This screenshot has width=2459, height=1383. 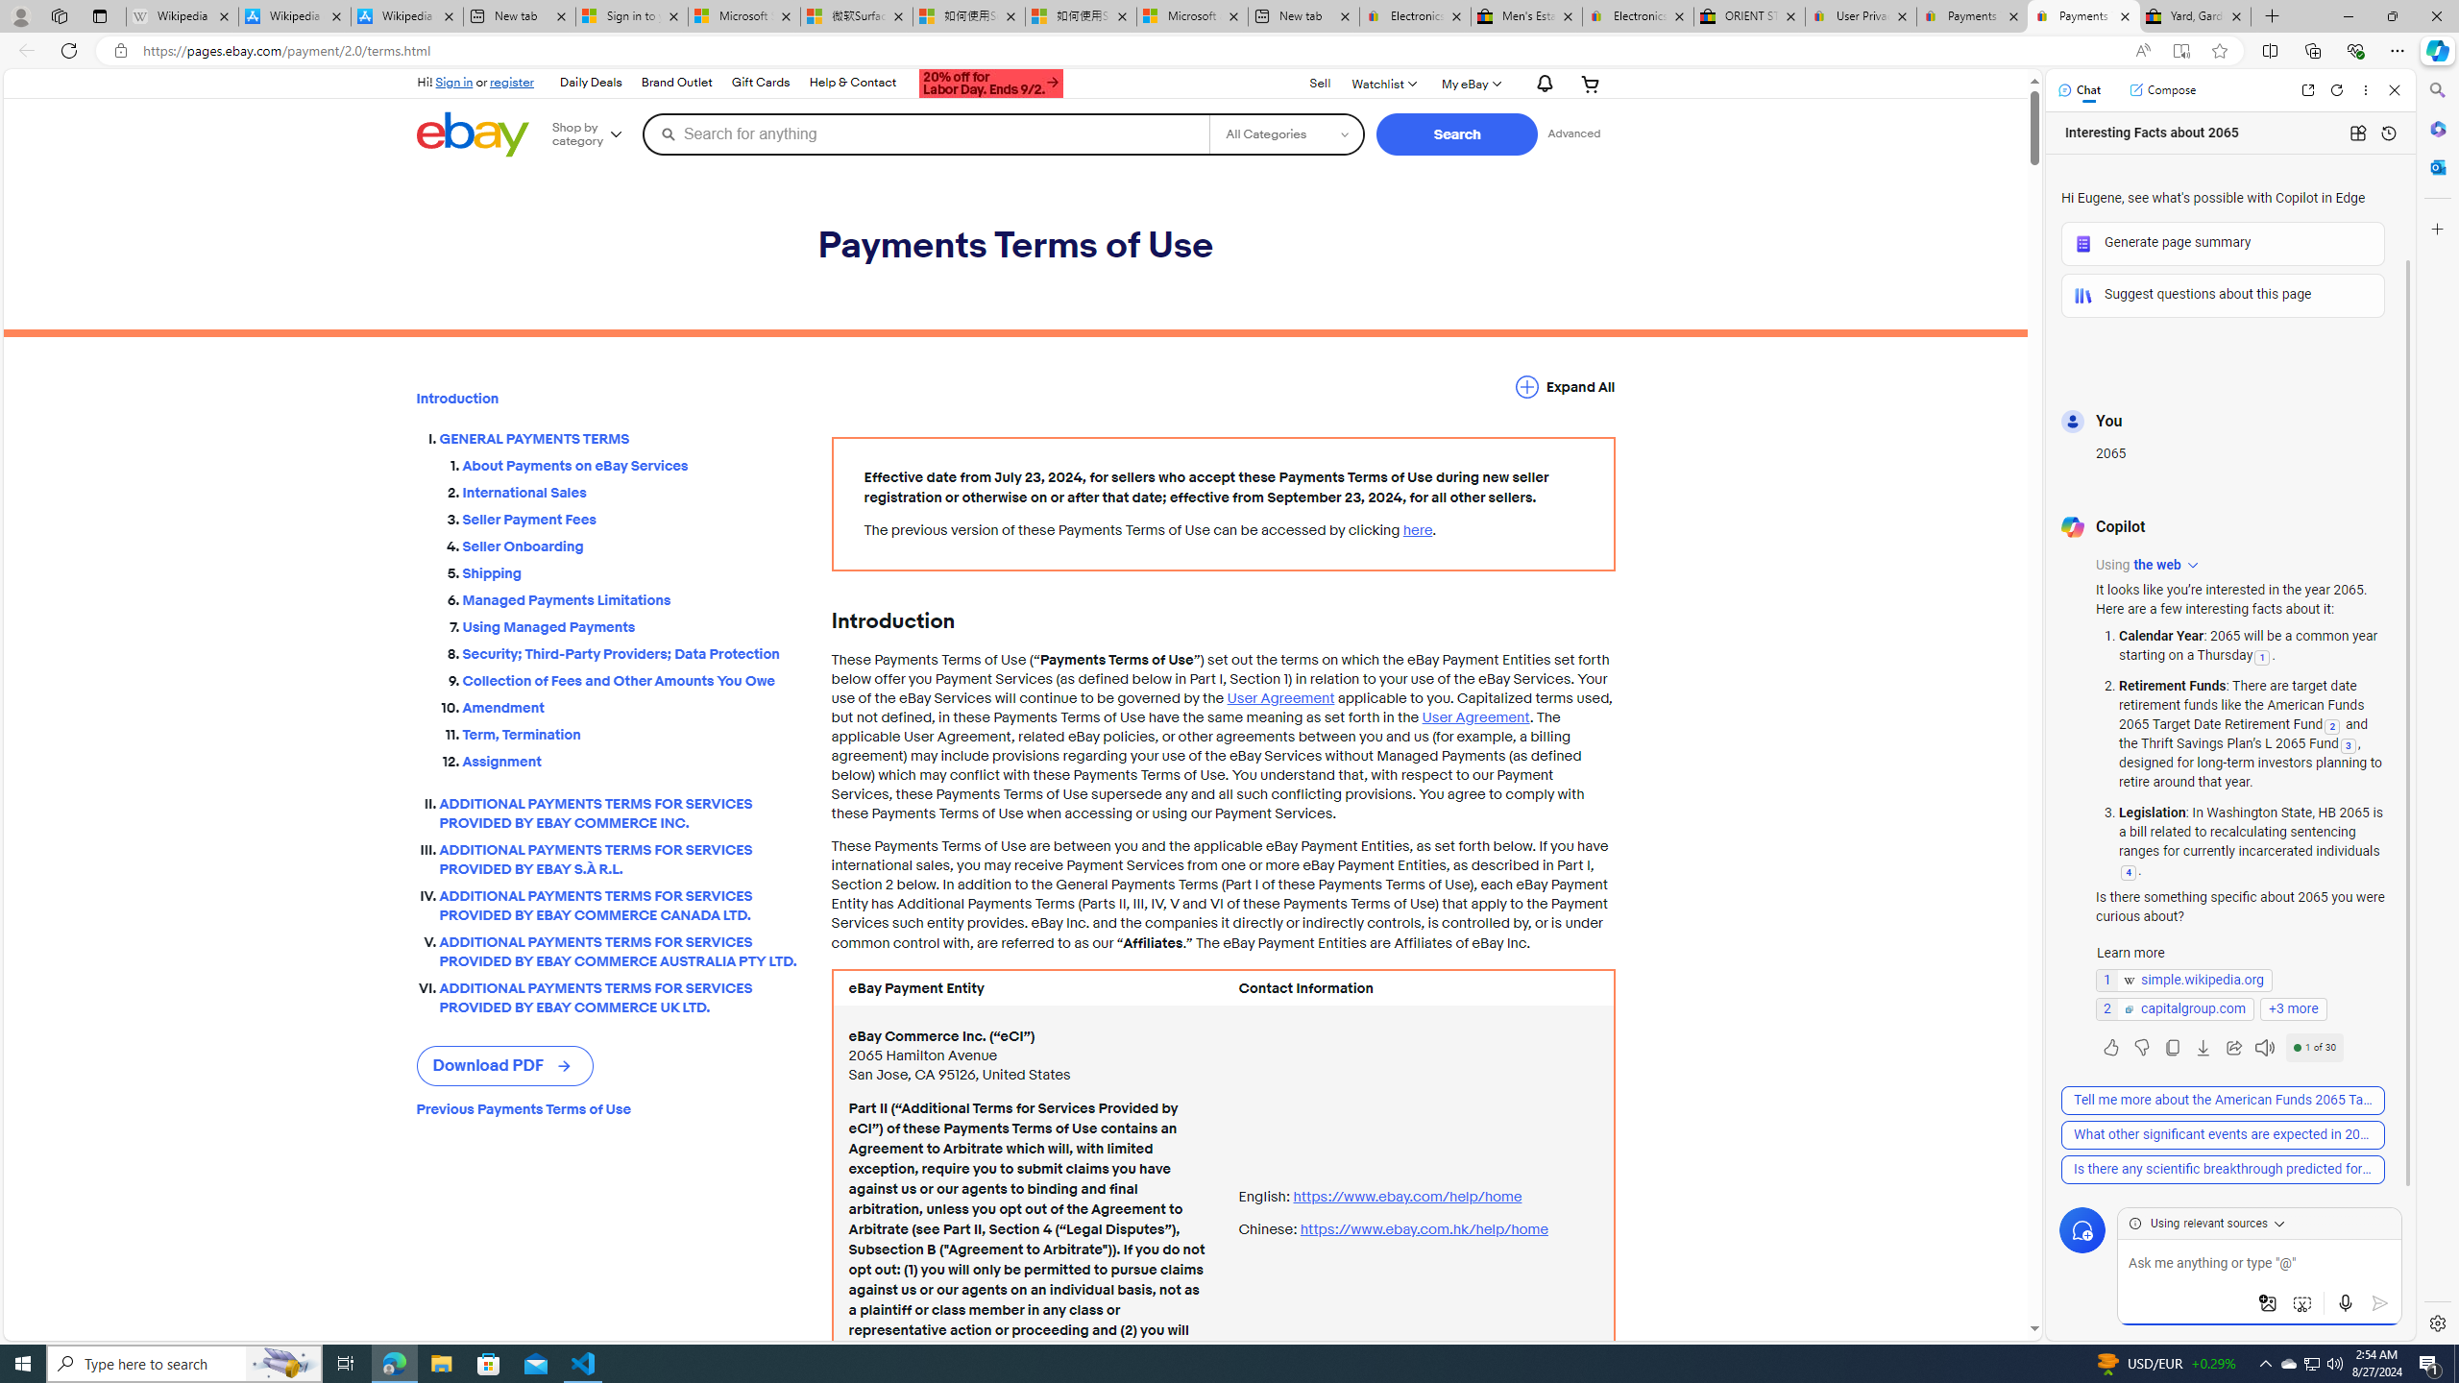 What do you see at coordinates (630, 546) in the screenshot?
I see `'Seller Onboarding'` at bounding box center [630, 546].